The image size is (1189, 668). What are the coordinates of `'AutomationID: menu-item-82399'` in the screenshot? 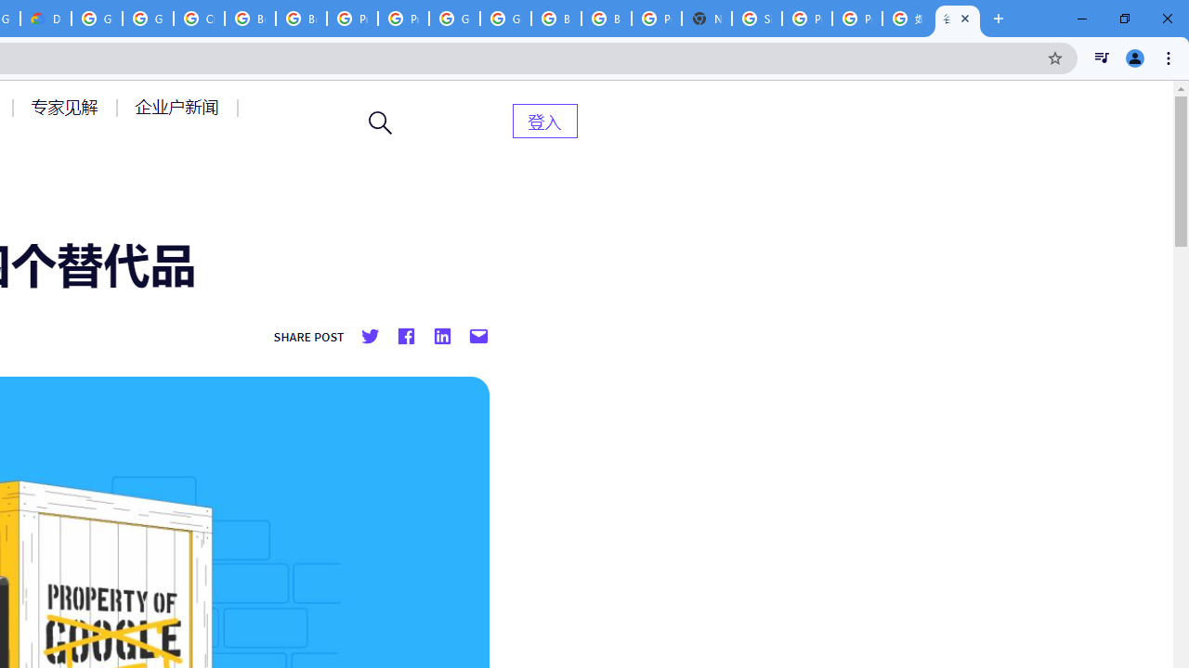 It's located at (543, 120).